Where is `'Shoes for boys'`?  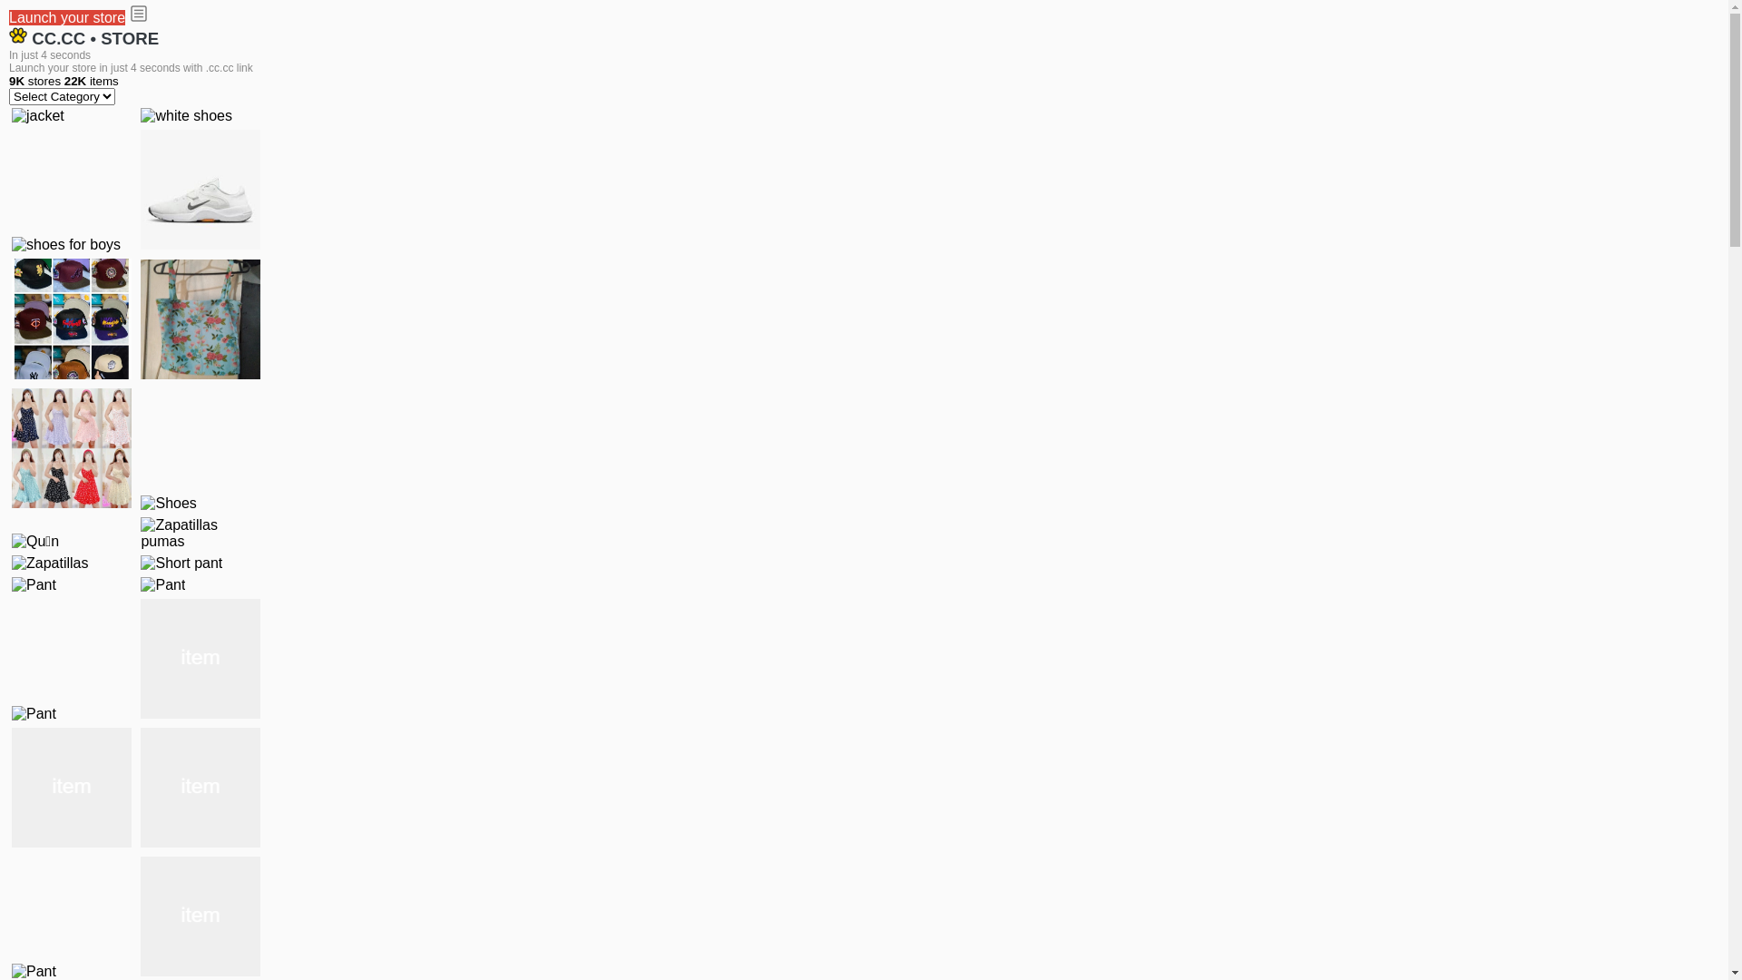 'Shoes for boys' is located at coordinates (139, 189).